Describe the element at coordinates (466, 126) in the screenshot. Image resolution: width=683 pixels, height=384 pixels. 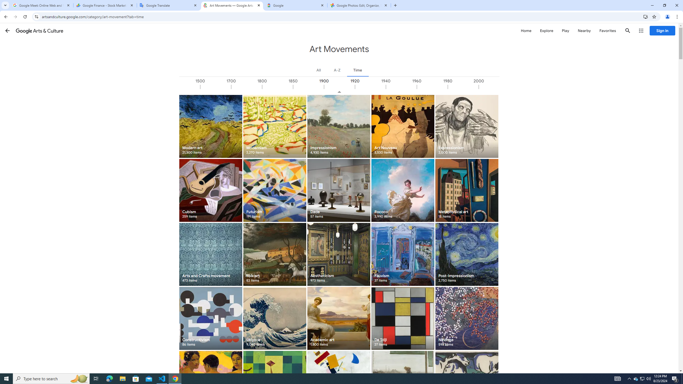
I see `'Expressionism 2,000 items'` at that location.